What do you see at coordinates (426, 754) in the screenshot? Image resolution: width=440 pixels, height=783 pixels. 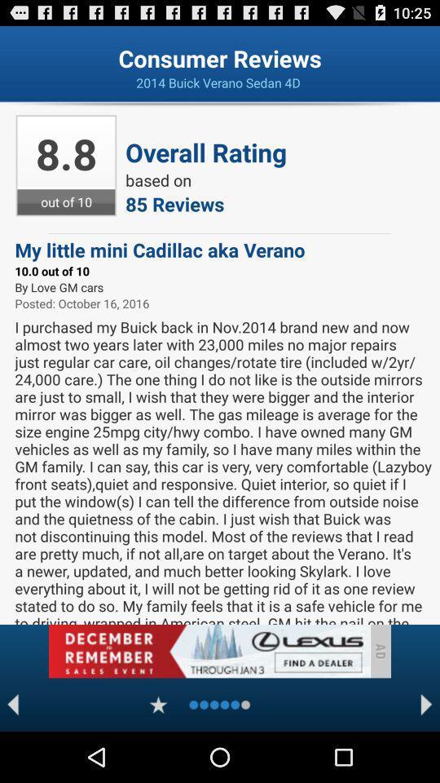 I see `the play icon` at bounding box center [426, 754].